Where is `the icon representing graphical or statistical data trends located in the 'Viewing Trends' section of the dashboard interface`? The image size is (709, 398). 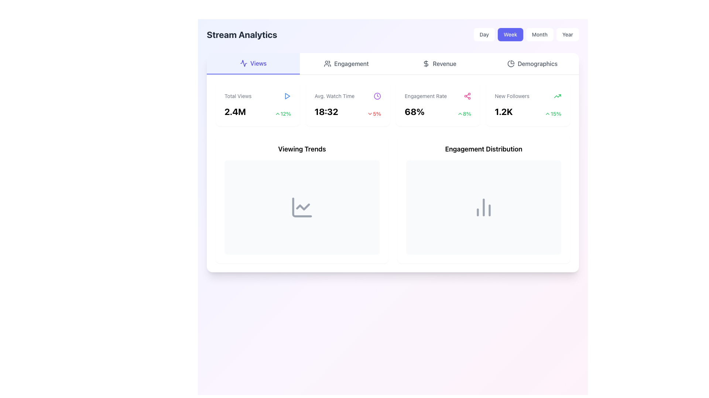 the icon representing graphical or statistical data trends located in the 'Viewing Trends' section of the dashboard interface is located at coordinates (302, 207).